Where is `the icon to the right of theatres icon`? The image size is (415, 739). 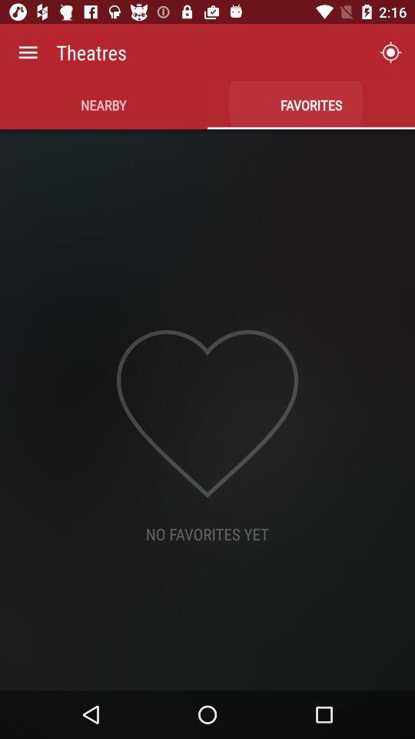 the icon to the right of theatres icon is located at coordinates (390, 52).